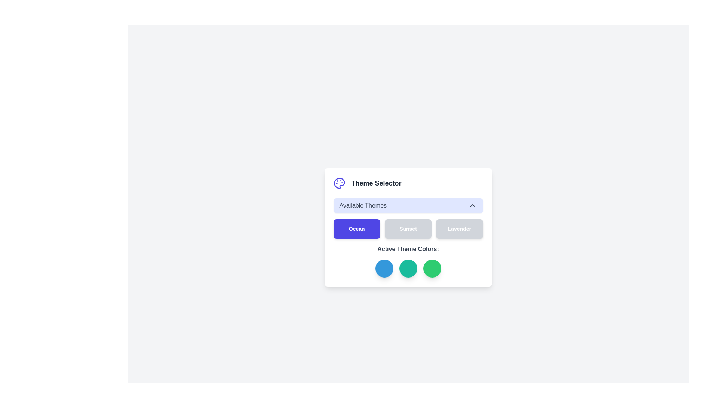 The image size is (718, 404). What do you see at coordinates (408, 227) in the screenshot?
I see `the 'Sunset' button, which is a rectangular button with a light gray background and white text, positioned between the 'Ocean' and 'Lavender' buttons under 'Available Themes'` at bounding box center [408, 227].